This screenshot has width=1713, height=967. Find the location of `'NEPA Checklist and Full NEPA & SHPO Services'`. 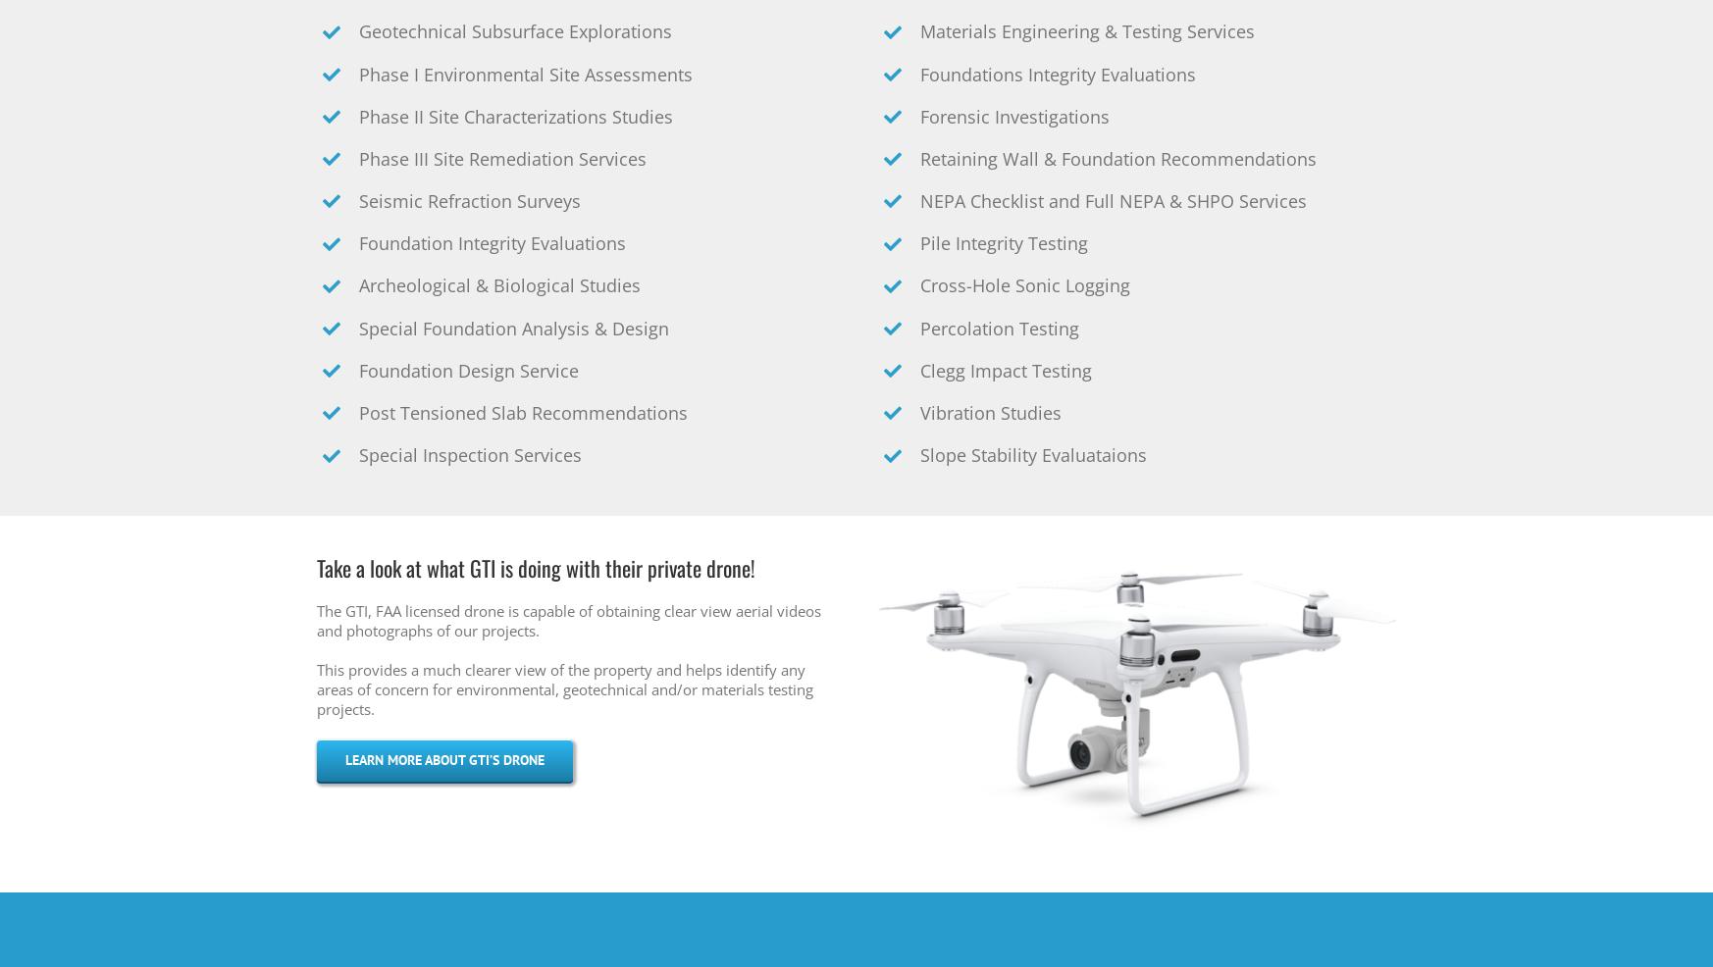

'NEPA Checklist and Full NEPA & SHPO Services' is located at coordinates (1113, 200).